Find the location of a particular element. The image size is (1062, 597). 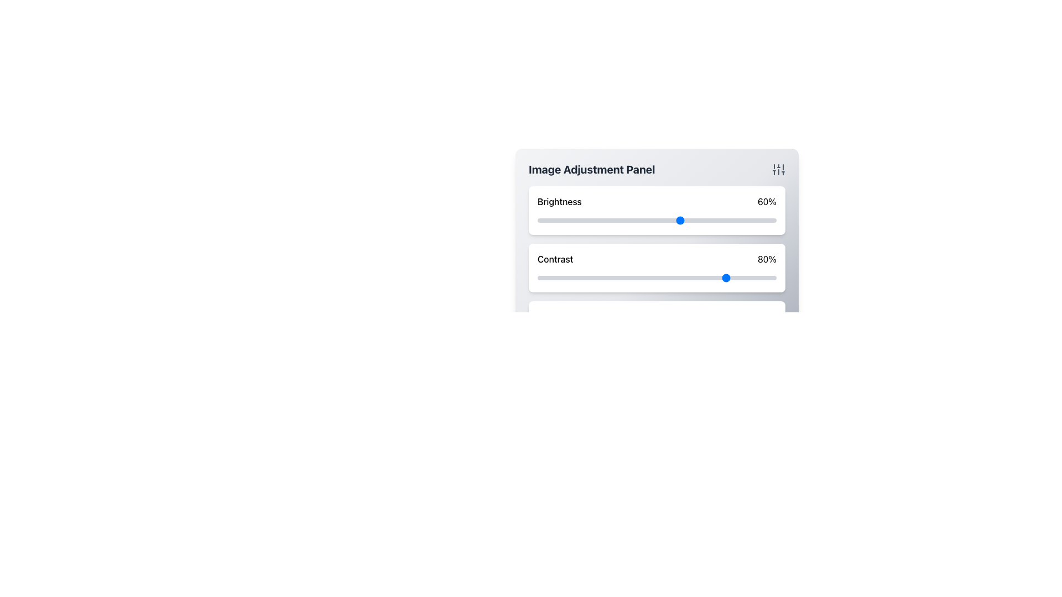

brightness is located at coordinates (702, 220).